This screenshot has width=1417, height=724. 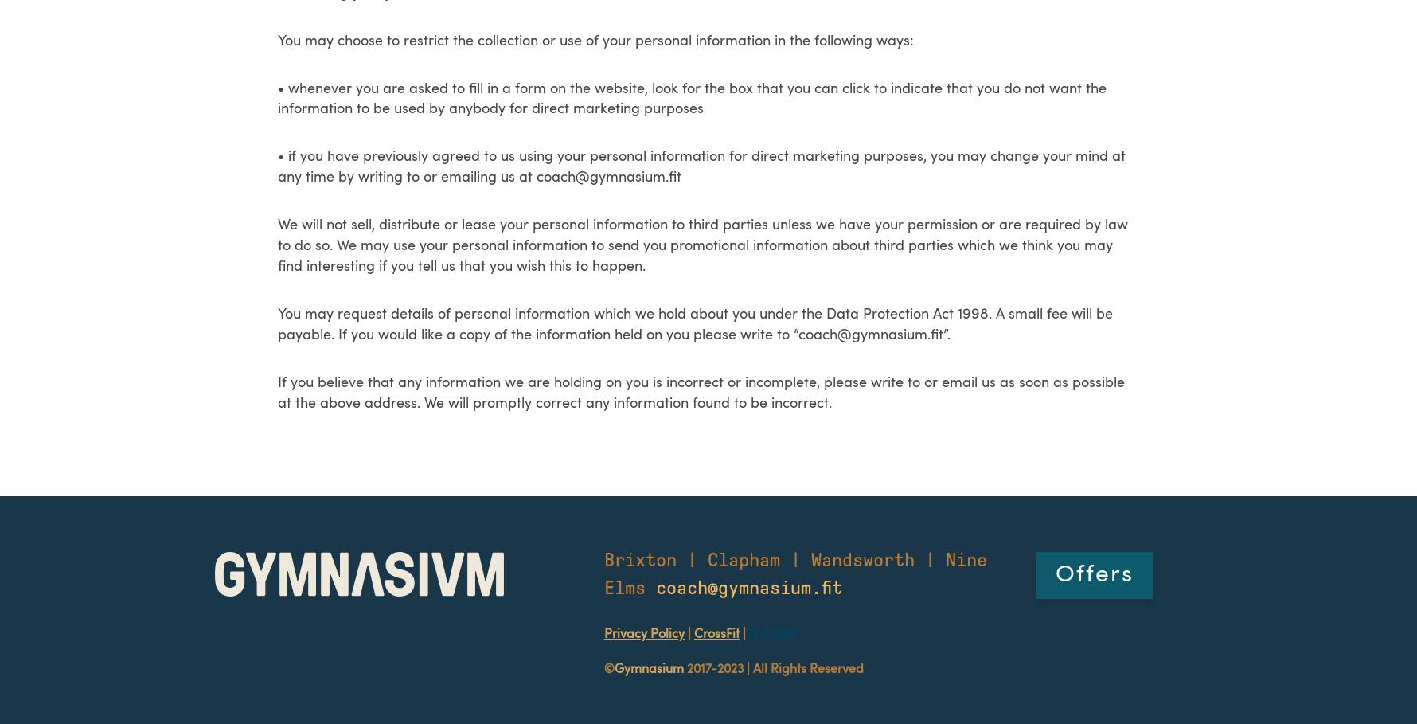 What do you see at coordinates (702, 245) in the screenshot?
I see `'We will not sell, distribute or lease your personal information to third parties unless we have your permission or are required by law to do so. We may use your personal information to send you promotional information about third parties which we think you may find interesting if you tell us that you wish this to happen.'` at bounding box center [702, 245].